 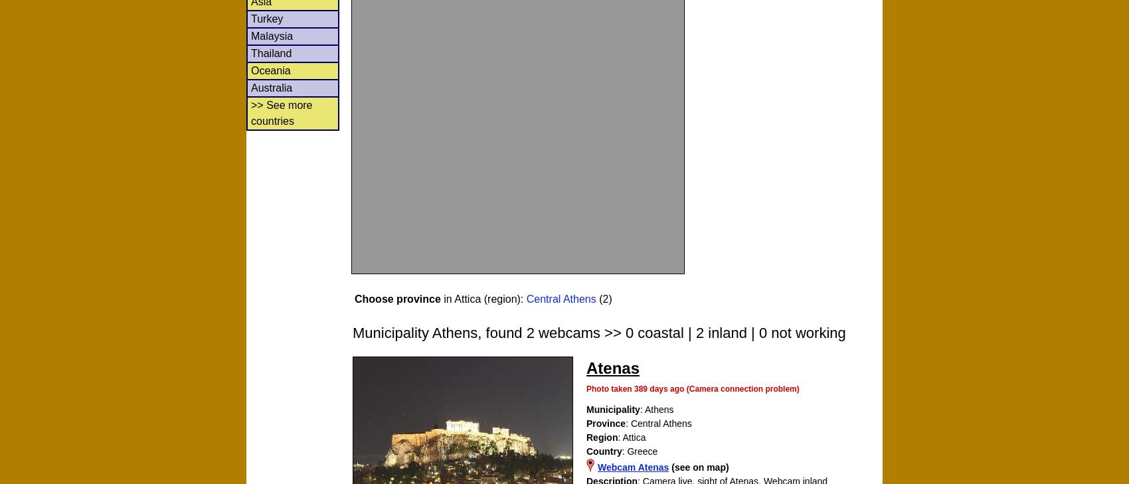 What do you see at coordinates (631, 438) in the screenshot?
I see `':
	Attica'` at bounding box center [631, 438].